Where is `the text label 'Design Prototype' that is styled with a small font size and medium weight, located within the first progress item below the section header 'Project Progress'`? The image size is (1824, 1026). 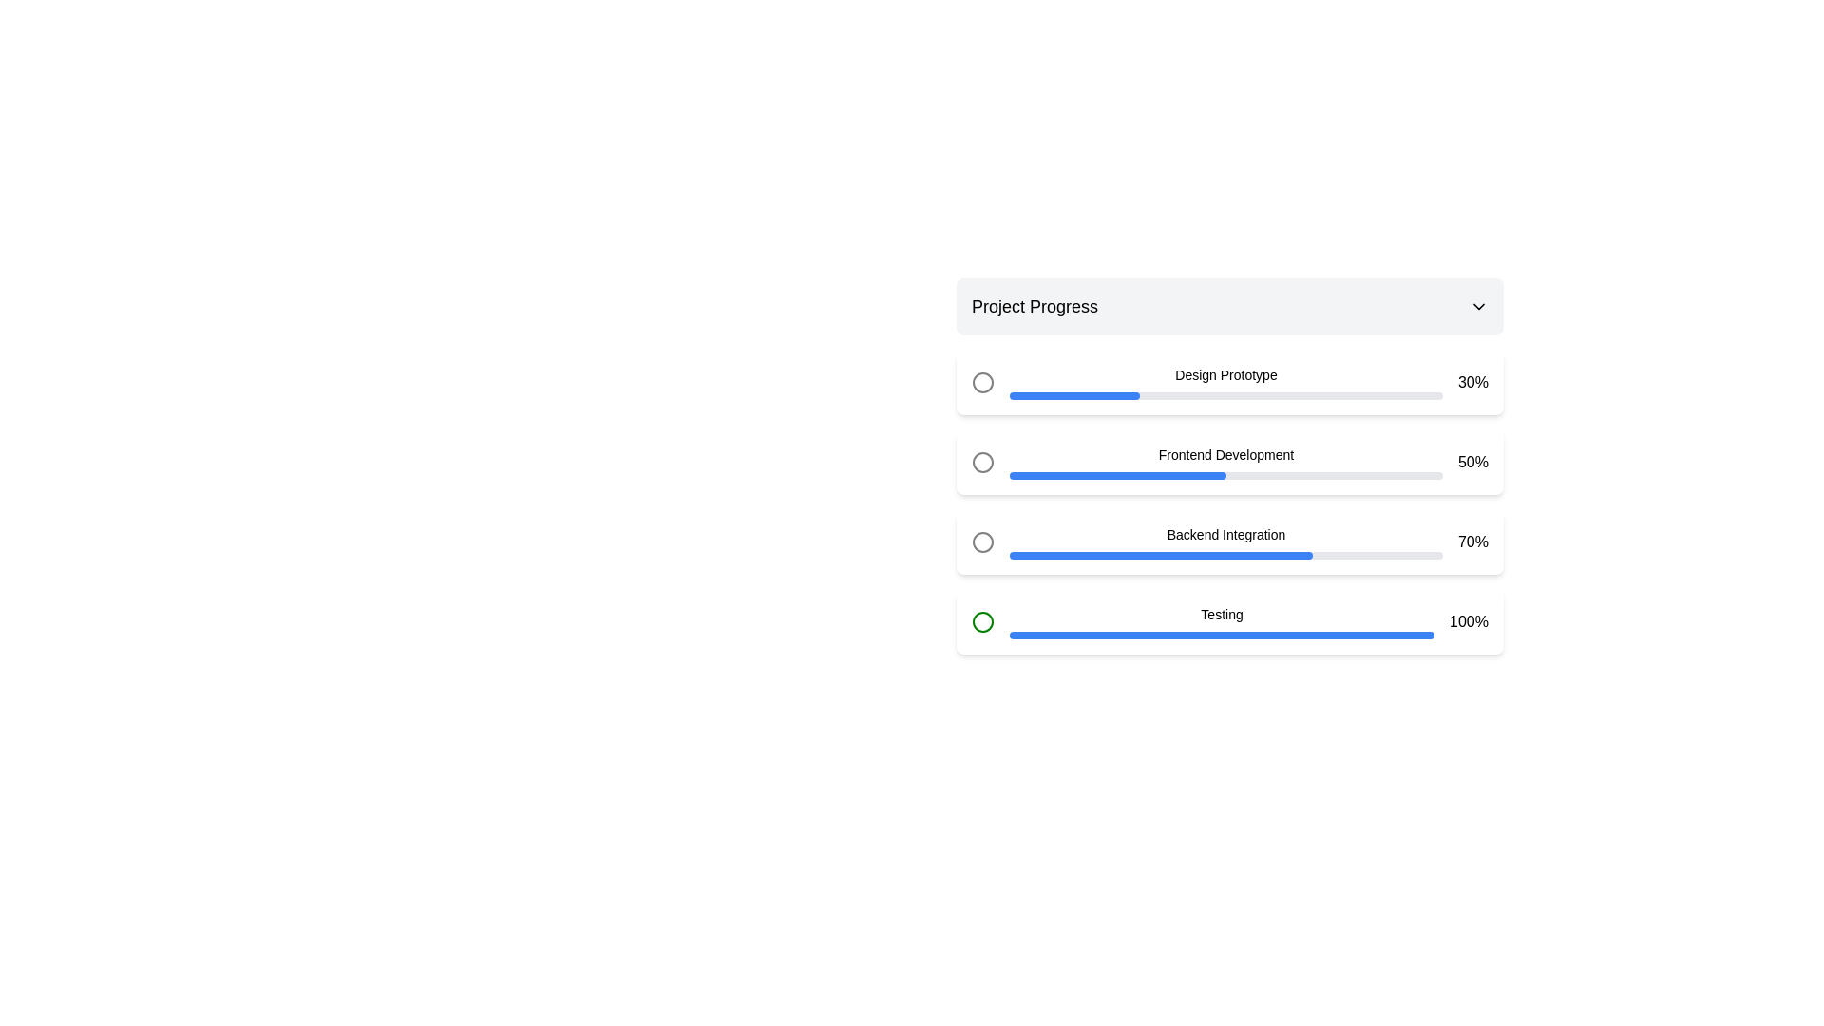
the text label 'Design Prototype' that is styled with a small font size and medium weight, located within the first progress item below the section header 'Project Progress' is located at coordinates (1226, 374).